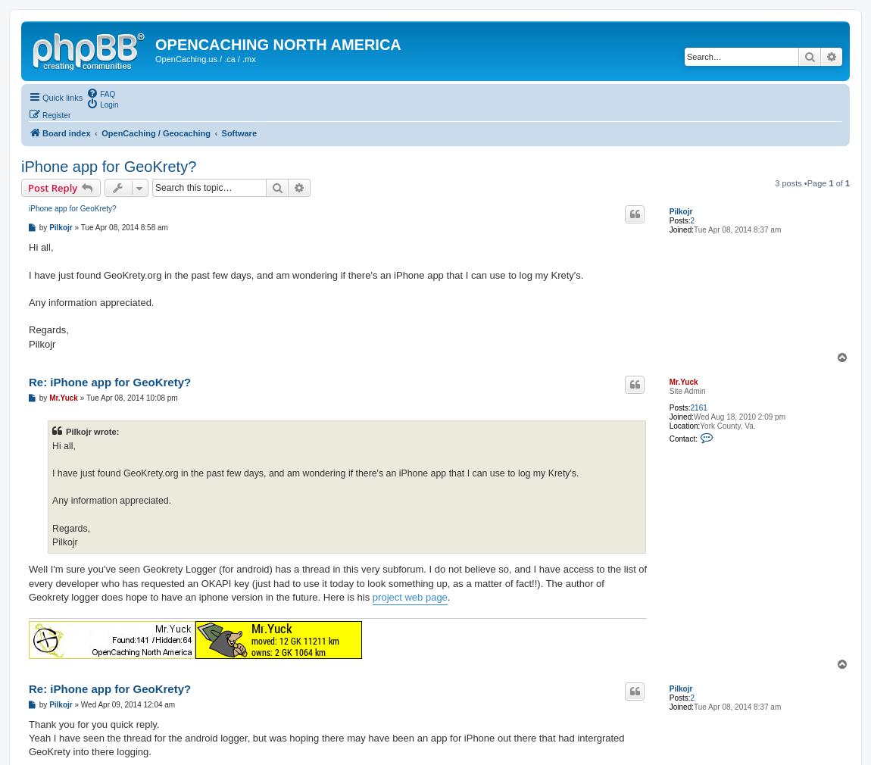 The width and height of the screenshot is (871, 765). Describe the element at coordinates (130, 397) in the screenshot. I see `'Tue Apr 08, 2014 10:08 pm'` at that location.